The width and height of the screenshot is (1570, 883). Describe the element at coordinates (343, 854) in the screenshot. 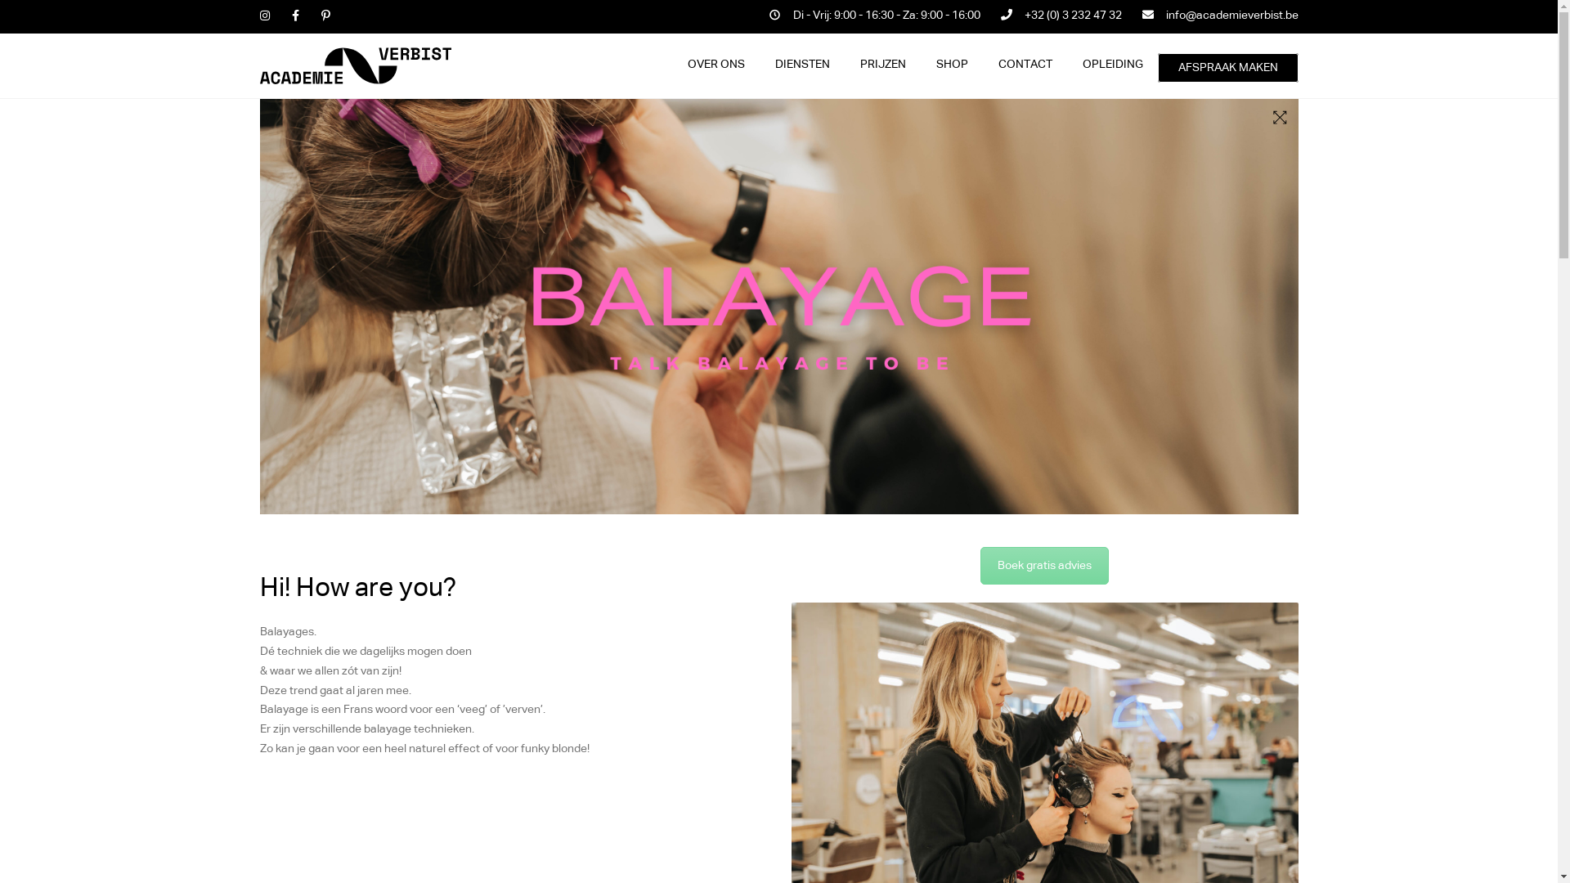

I see `'foonkyfish'` at that location.